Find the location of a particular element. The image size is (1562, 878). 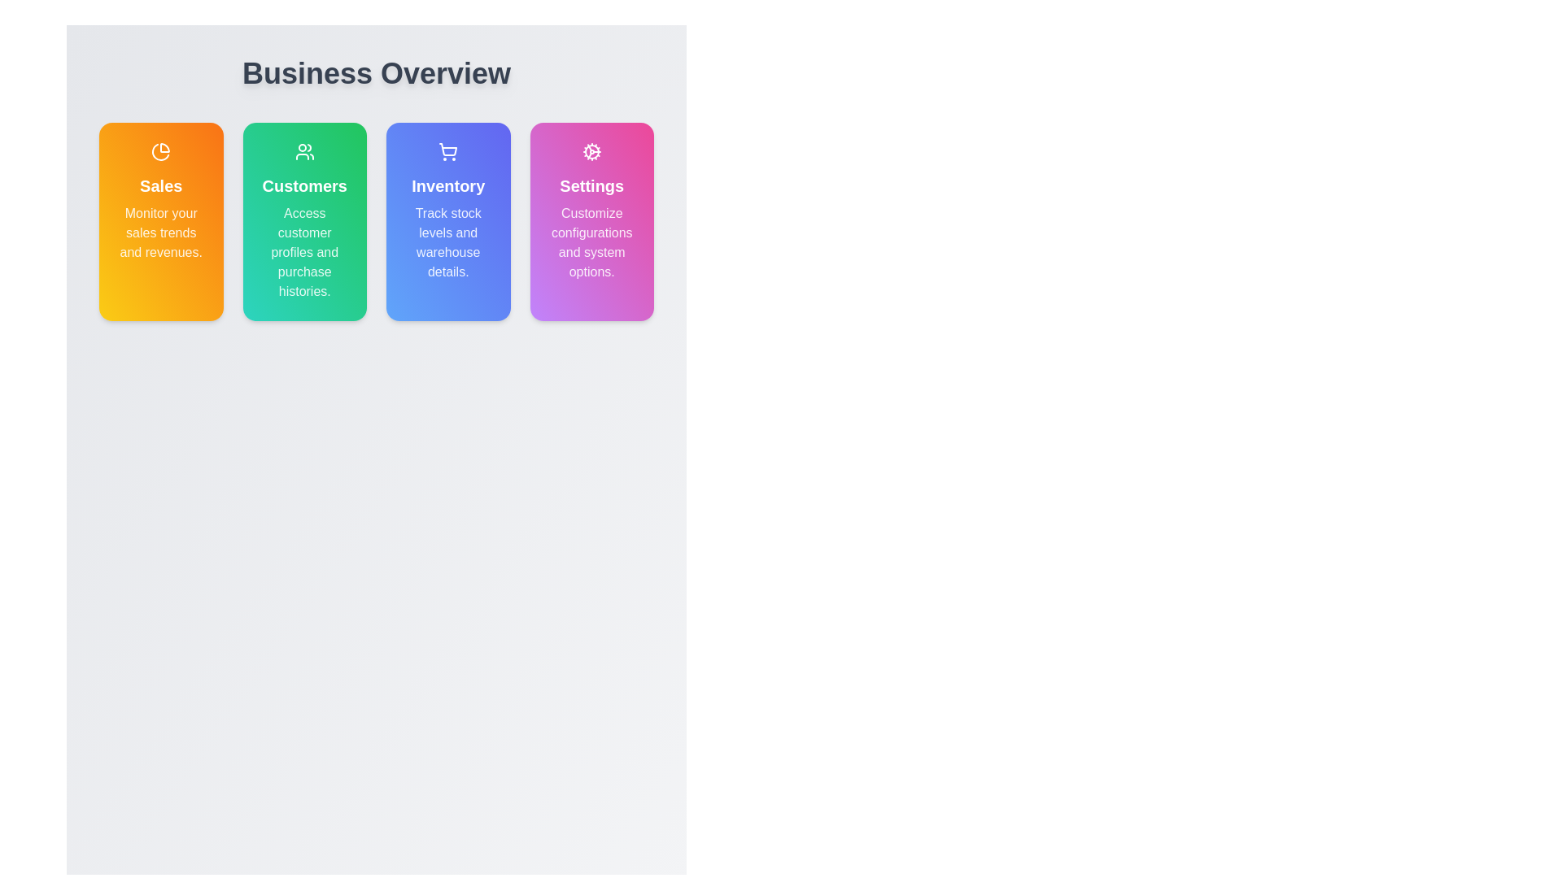

information displayed on the Informational card, which features a circular pie chart icon at the top, the word 'Sales' in bold white text, and a descriptive text stating 'Monitor your sales trends and revenues.' is located at coordinates (161, 222).